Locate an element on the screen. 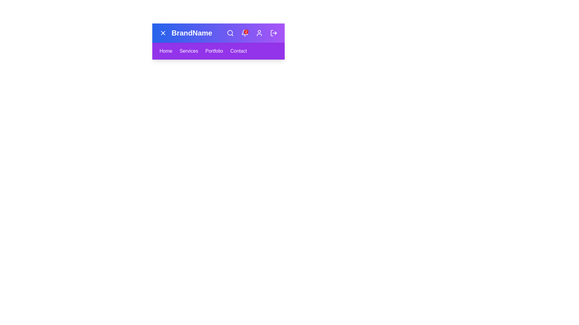  the circular lens of the magnifying glass icon located in the top navigation bar, which represents search functionality is located at coordinates (230, 32).